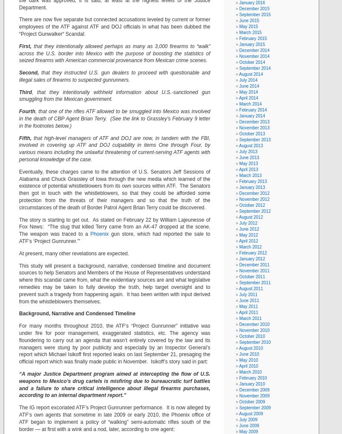  What do you see at coordinates (239, 140) in the screenshot?
I see `'September 2013'` at bounding box center [239, 140].